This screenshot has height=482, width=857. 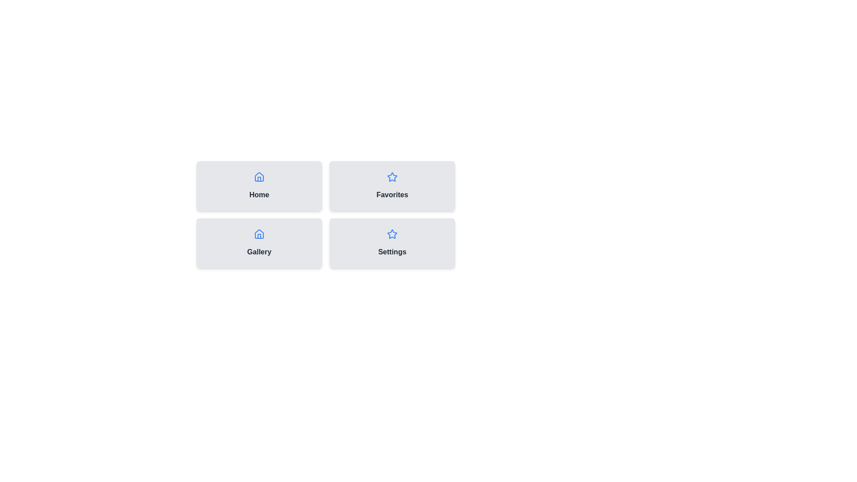 What do you see at coordinates (258, 233) in the screenshot?
I see `the blue house-shaped icon in the Gallery section to interact with it, as it is the only icon present above the 'Gallery' label` at bounding box center [258, 233].